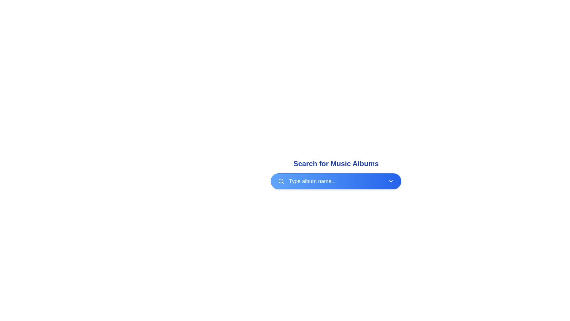 Image resolution: width=570 pixels, height=321 pixels. What do you see at coordinates (281, 181) in the screenshot?
I see `the search icon, which is a white magnifying glass on a blue button` at bounding box center [281, 181].